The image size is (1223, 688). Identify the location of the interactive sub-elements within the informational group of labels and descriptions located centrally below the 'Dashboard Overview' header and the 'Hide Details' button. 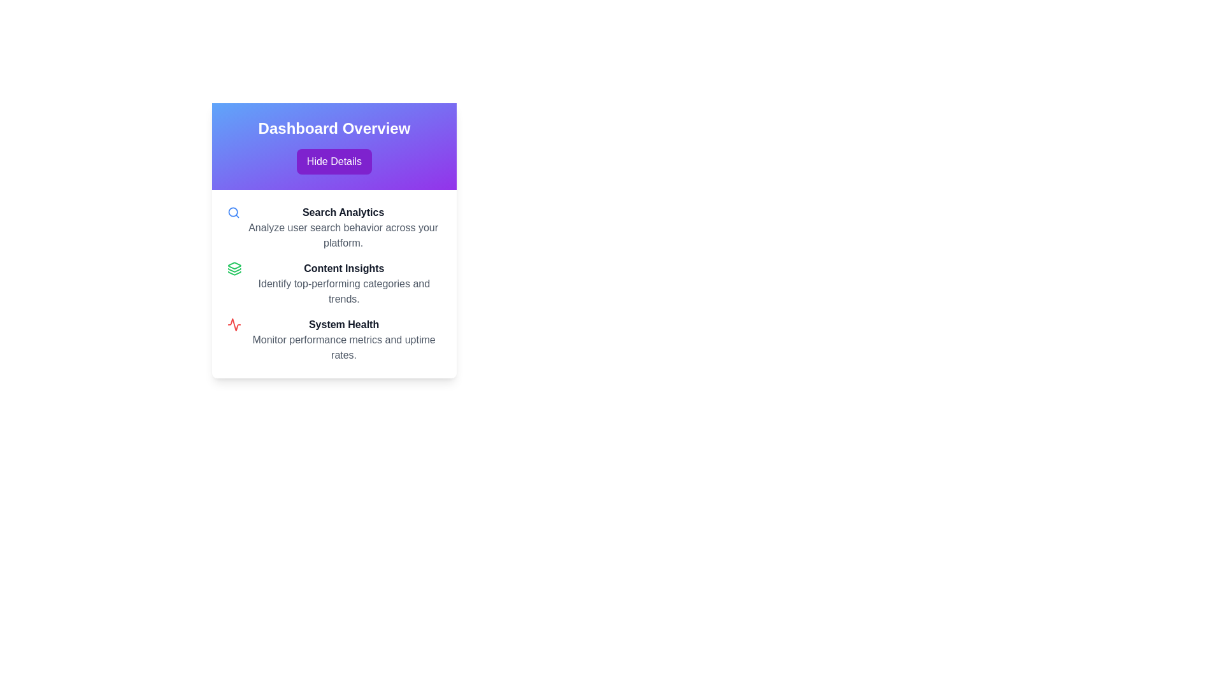
(334, 283).